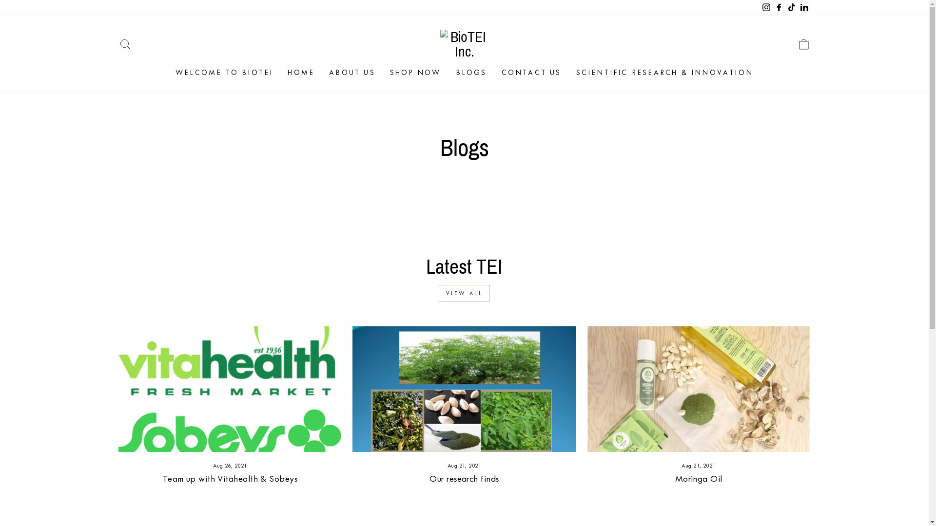 The height and width of the screenshot is (526, 936). I want to click on 'SEARCH', so click(124, 44).